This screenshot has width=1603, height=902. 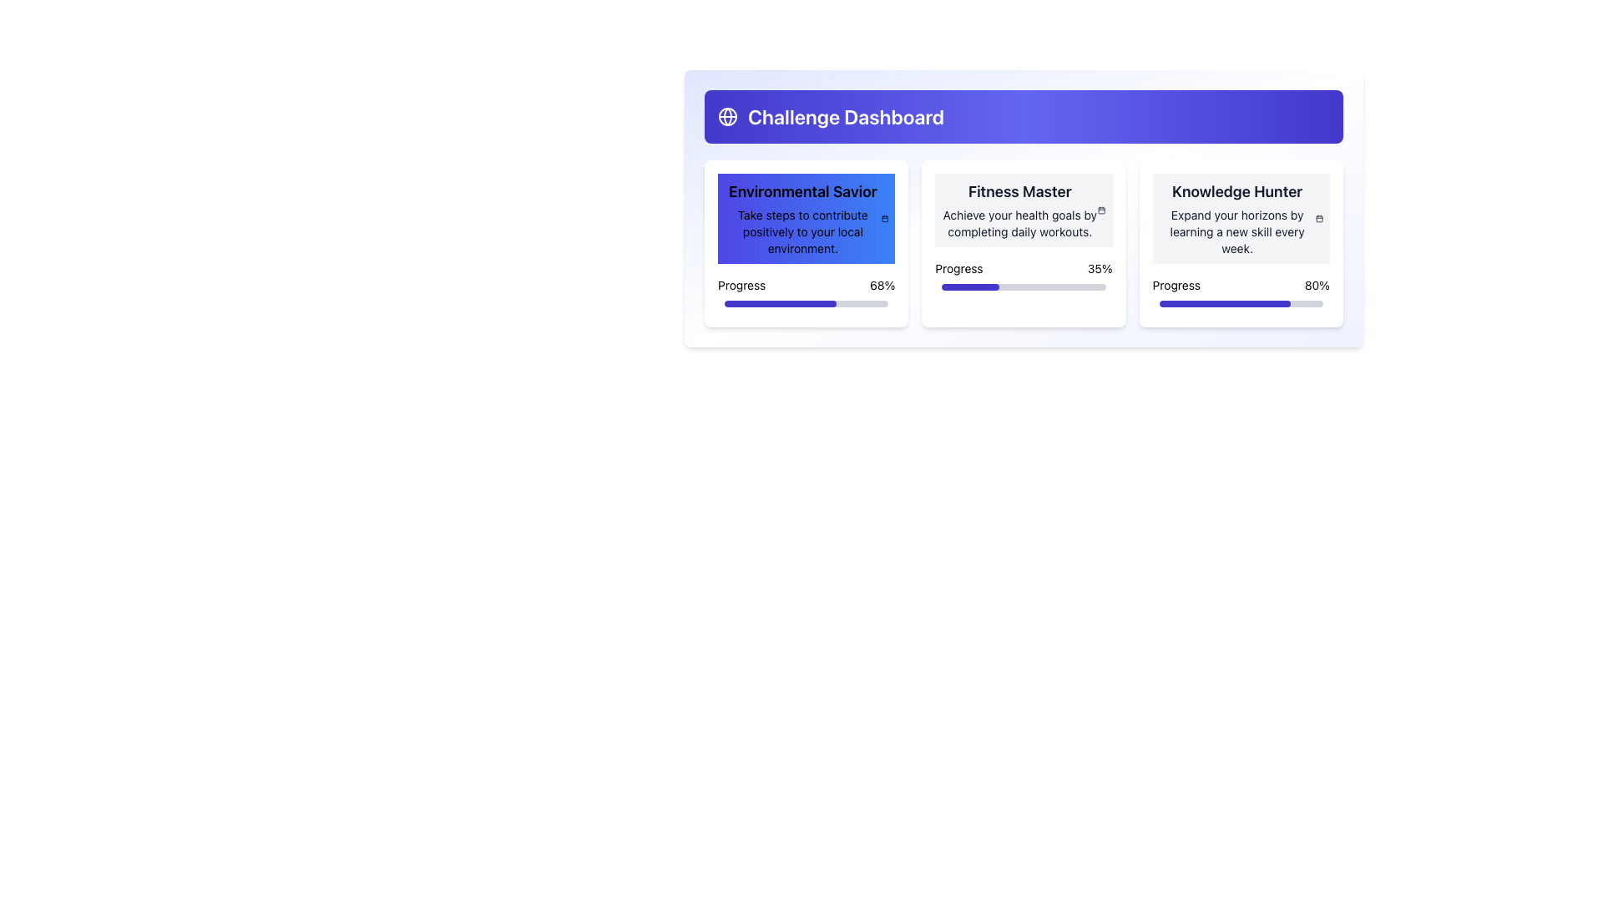 What do you see at coordinates (802, 192) in the screenshot?
I see `the 'Environmental Savior' text label that serves as the title for its corresponding card, positioned in the top-left quadrant of the card` at bounding box center [802, 192].